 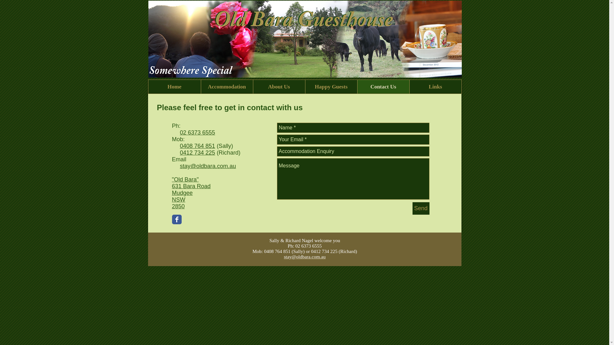 What do you see at coordinates (179, 132) in the screenshot?
I see `'02 6373 6555'` at bounding box center [179, 132].